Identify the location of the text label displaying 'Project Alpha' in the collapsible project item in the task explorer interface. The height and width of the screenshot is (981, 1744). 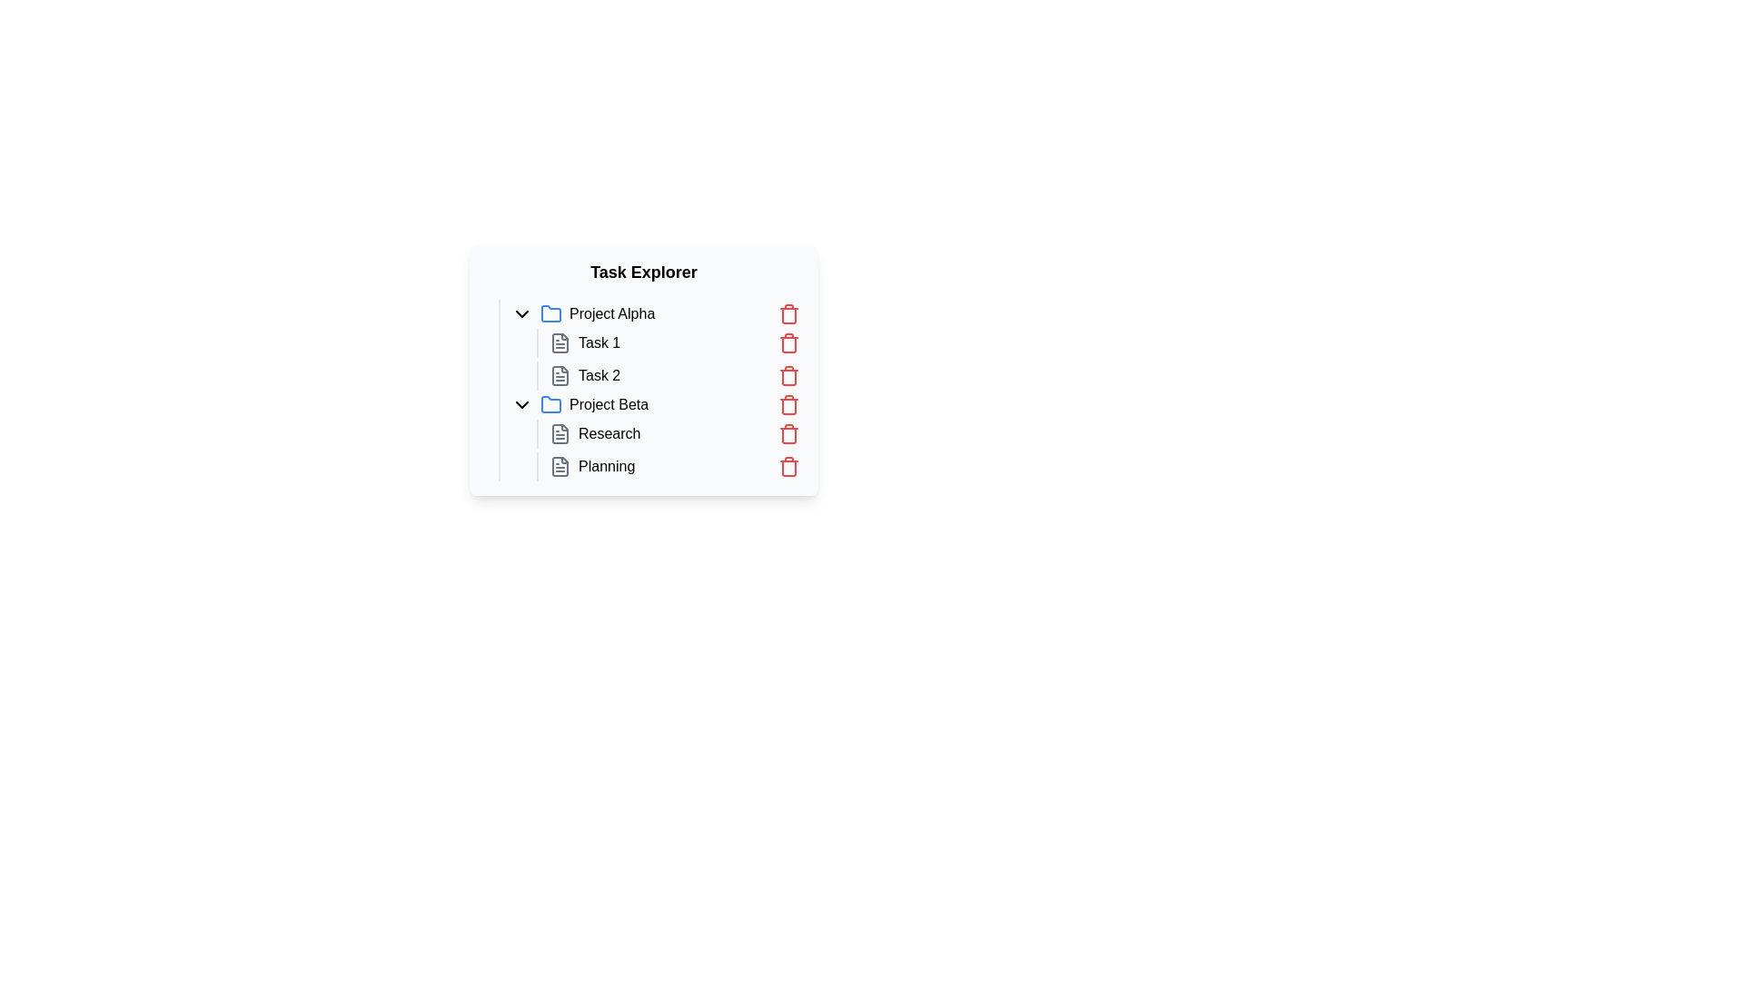
(612, 313).